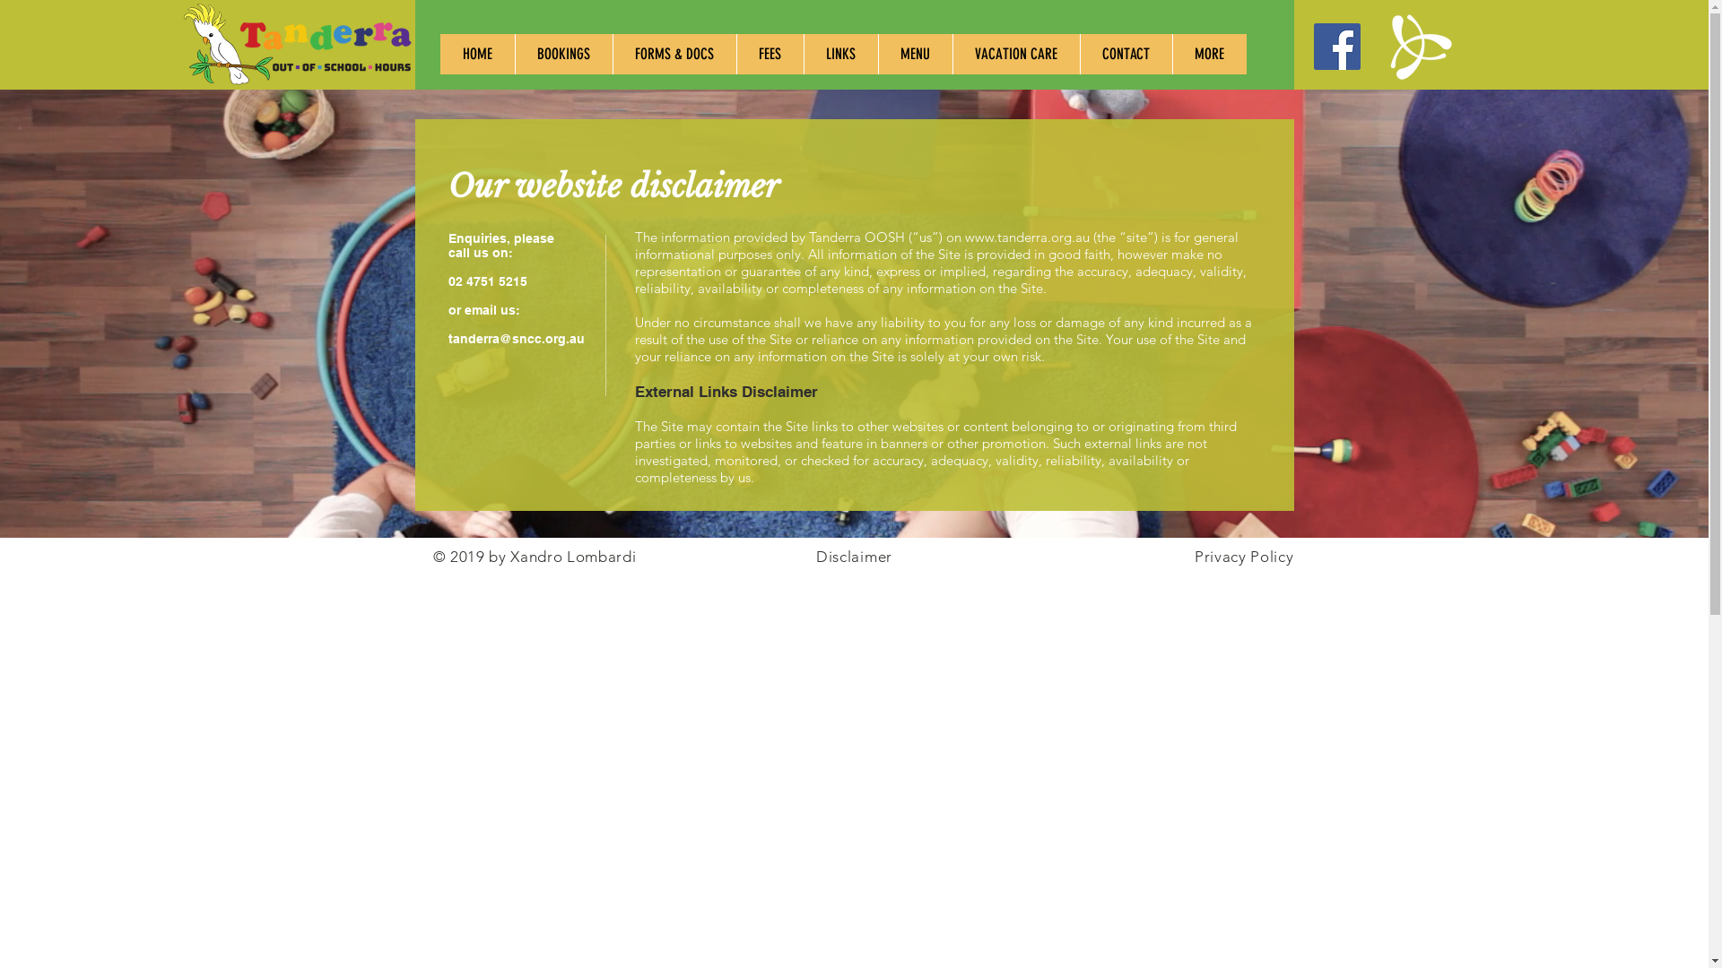  Describe the element at coordinates (672, 53) in the screenshot. I see `'FORMS & DOCS'` at that location.